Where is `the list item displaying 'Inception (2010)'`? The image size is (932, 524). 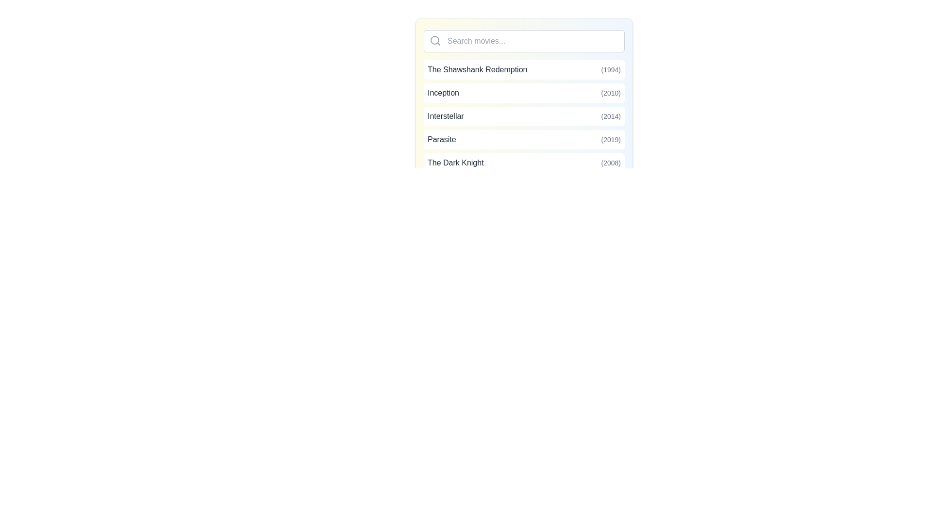 the list item displaying 'Inception (2010)' is located at coordinates (524, 93).